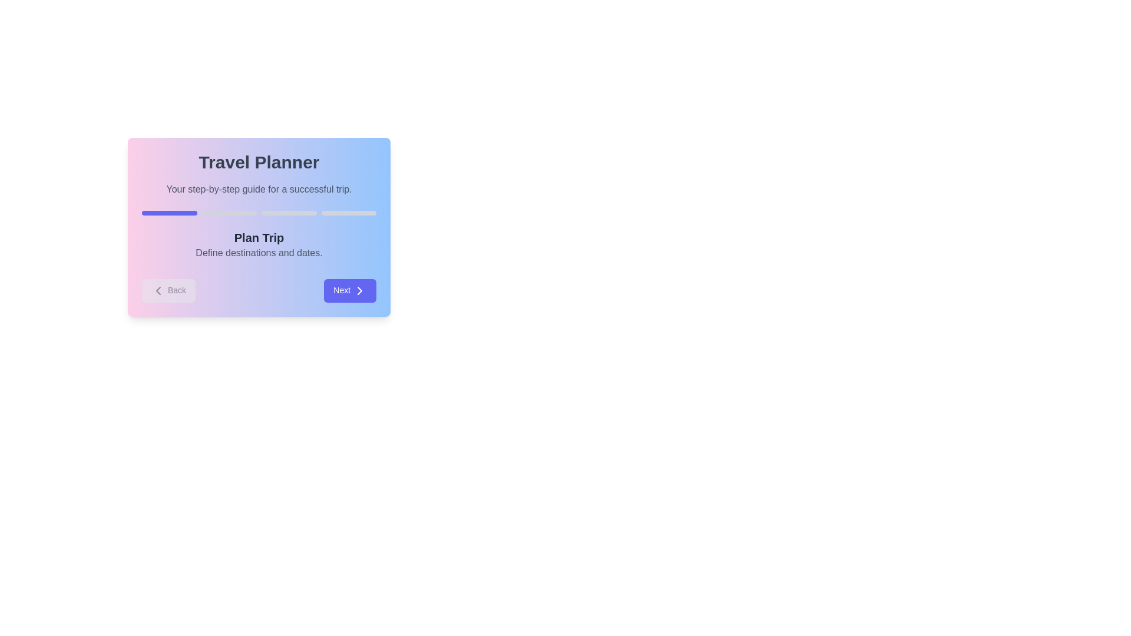 The image size is (1131, 636). Describe the element at coordinates (259, 238) in the screenshot. I see `the step title 'Plan Trip' to highlight it and display additional information` at that location.